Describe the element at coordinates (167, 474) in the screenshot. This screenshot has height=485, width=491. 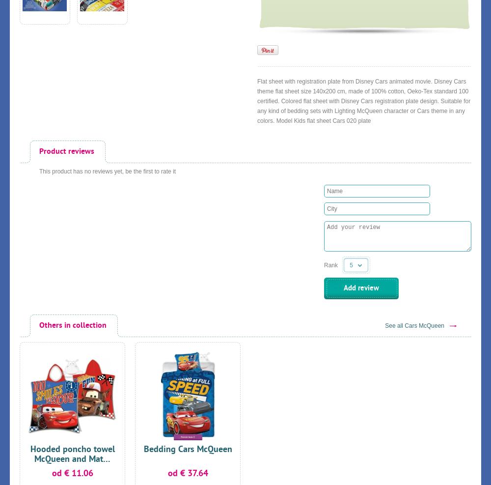
I see `'od € 37.64'` at that location.